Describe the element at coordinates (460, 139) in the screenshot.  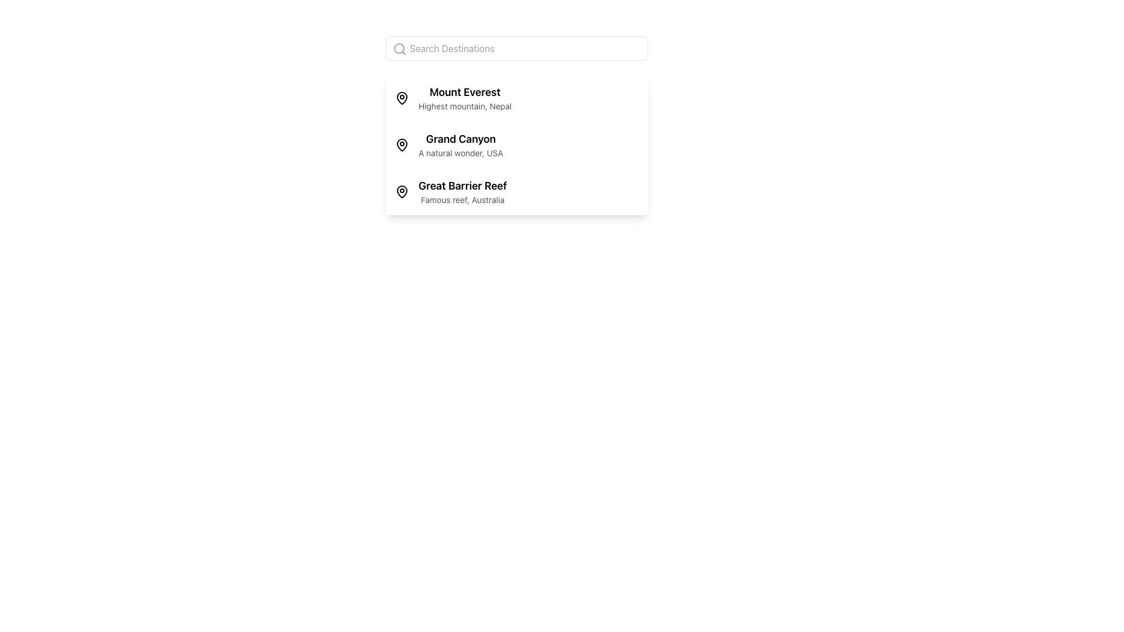
I see `the primary label of the second destination in the vertical list, which is positioned above the descriptive text 'A natural wonder, USA' and aligned to the right of the location marker icon` at that location.